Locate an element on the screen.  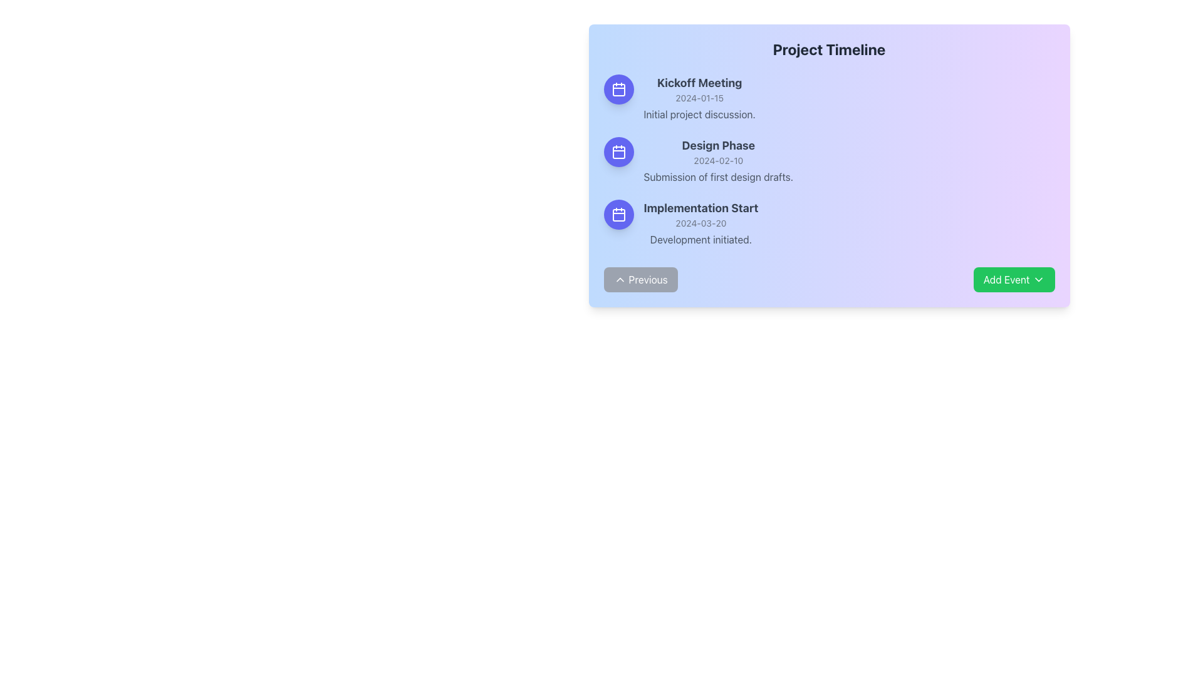
the leftmost calendar event icon in the first row of the 'Project Timeline' section, next to 'Kickoff Meeting' is located at coordinates (618, 88).